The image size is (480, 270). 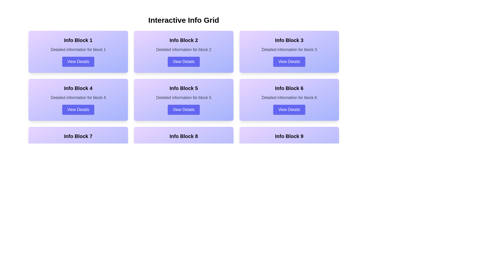 I want to click on the fifth card in the 3x3 grid layout that contains a heading, subheading, and a 'View Details' button, located at the center of the middle row, so click(x=183, y=99).